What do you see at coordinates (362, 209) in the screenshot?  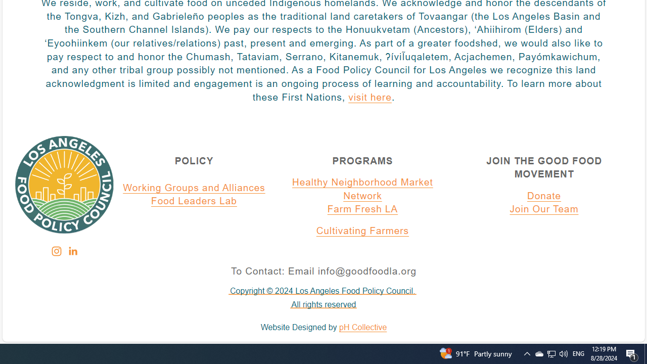 I see `'Farm Fresh LA'` at bounding box center [362, 209].